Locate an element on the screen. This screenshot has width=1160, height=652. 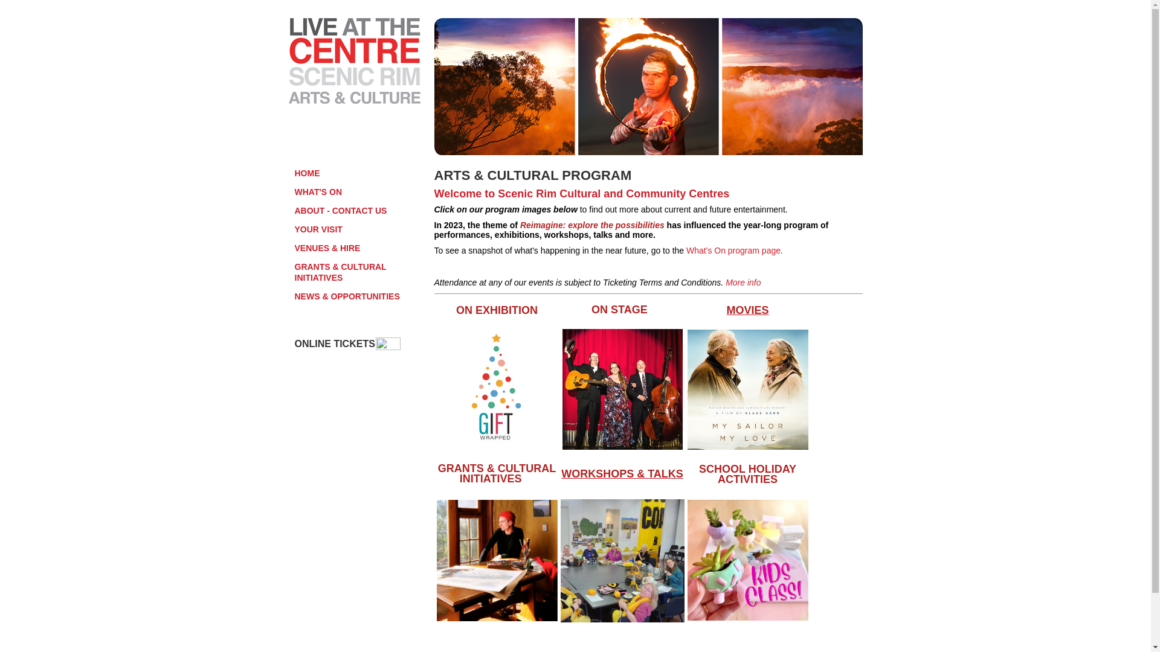
'ON STAGE ' is located at coordinates (620, 309).